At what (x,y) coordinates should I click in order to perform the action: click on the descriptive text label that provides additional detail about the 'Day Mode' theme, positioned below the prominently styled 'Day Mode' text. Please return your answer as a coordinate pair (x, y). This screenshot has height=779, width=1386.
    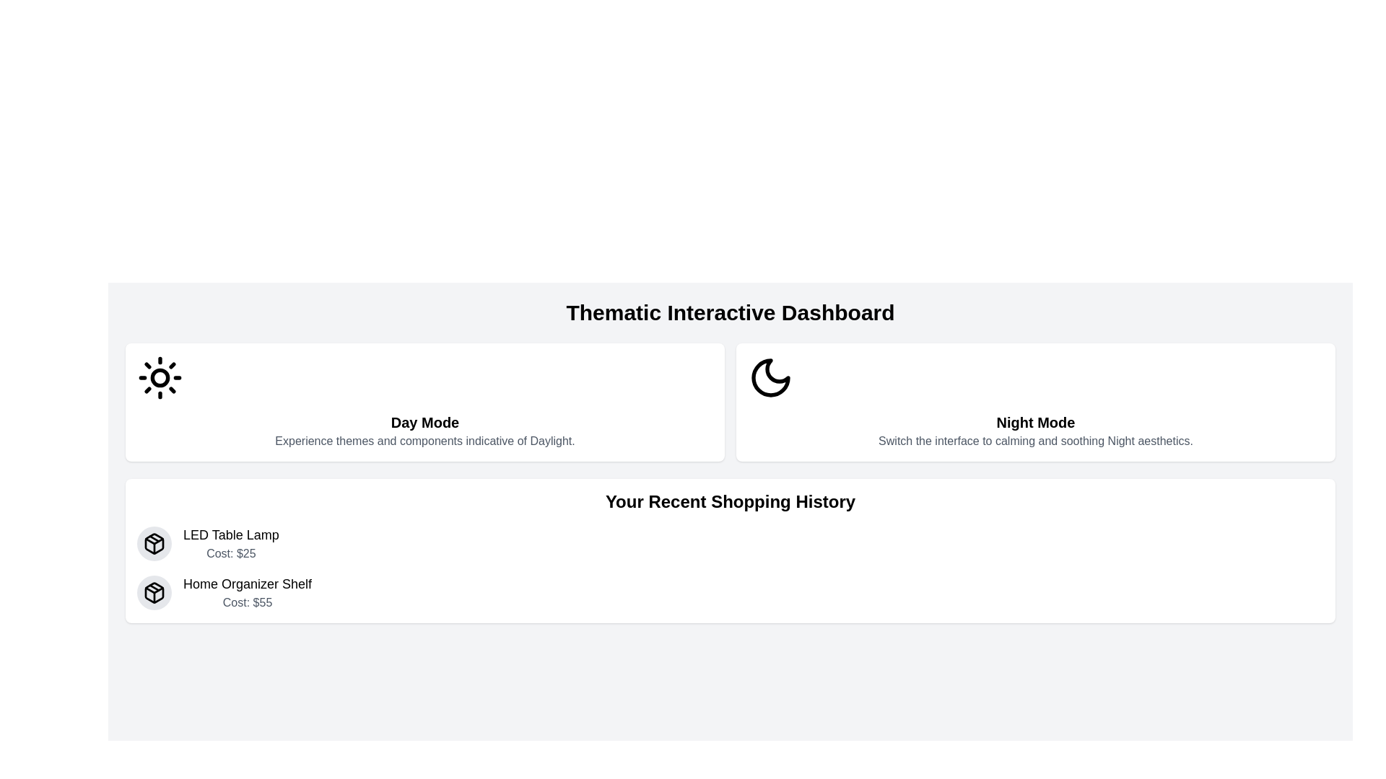
    Looking at the image, I should click on (424, 441).